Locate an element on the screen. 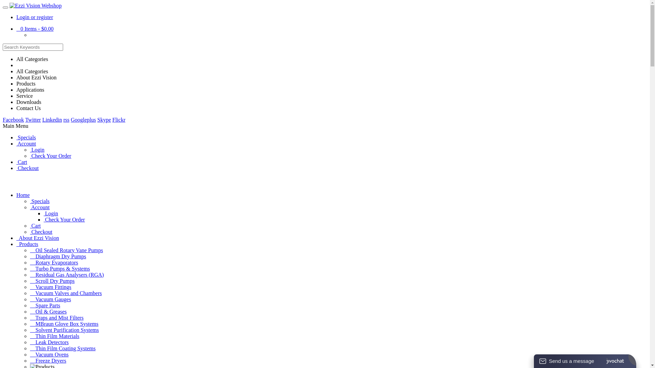  '    Residual Gas Analysers (RGA)' is located at coordinates (29, 274).